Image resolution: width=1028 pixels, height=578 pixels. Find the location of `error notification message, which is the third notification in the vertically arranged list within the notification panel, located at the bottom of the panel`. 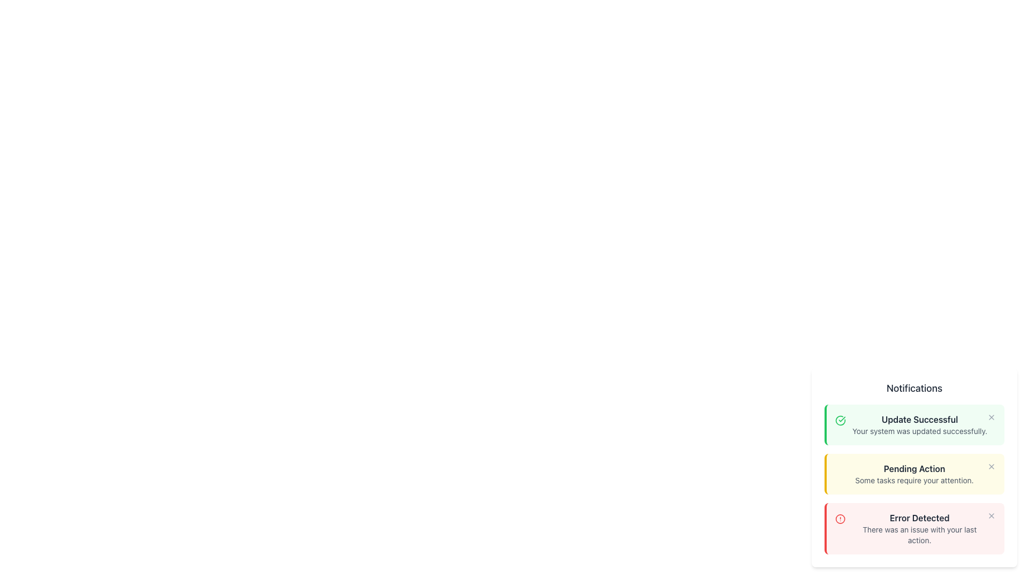

error notification message, which is the third notification in the vertically arranged list within the notification panel, located at the bottom of the panel is located at coordinates (919, 528).